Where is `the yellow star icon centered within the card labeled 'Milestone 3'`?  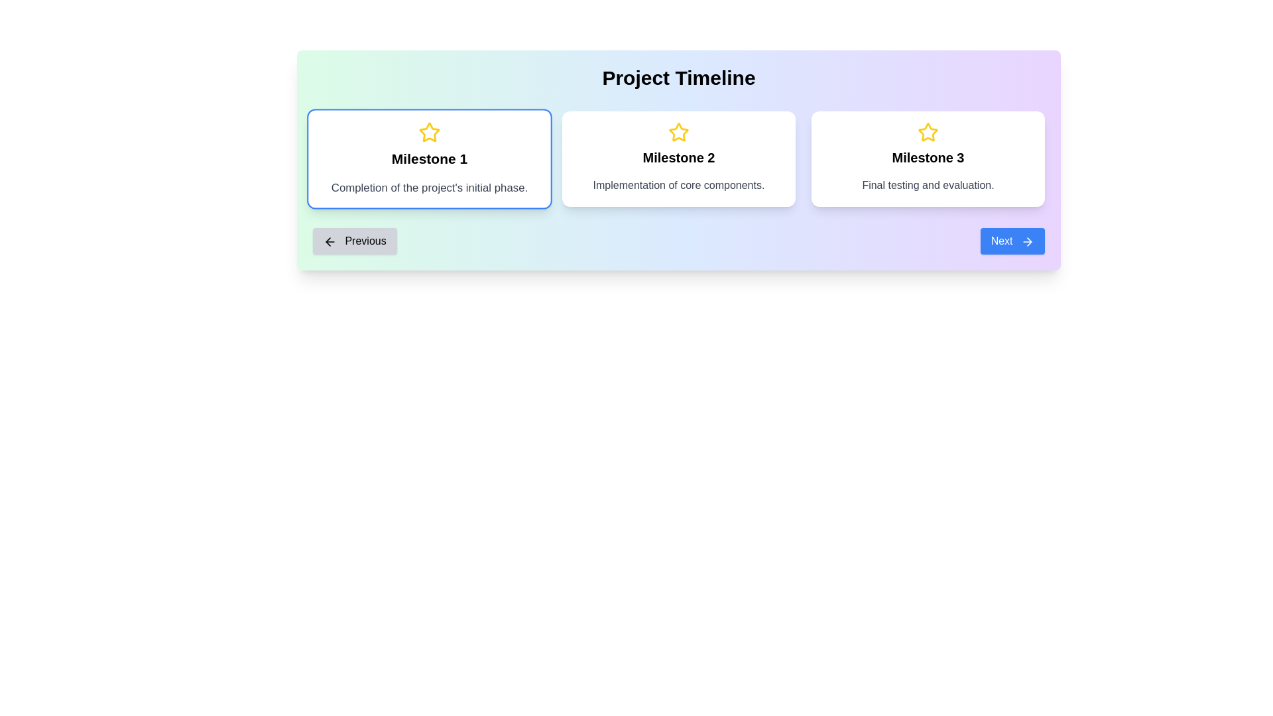
the yellow star icon centered within the card labeled 'Milestone 3' is located at coordinates (928, 132).